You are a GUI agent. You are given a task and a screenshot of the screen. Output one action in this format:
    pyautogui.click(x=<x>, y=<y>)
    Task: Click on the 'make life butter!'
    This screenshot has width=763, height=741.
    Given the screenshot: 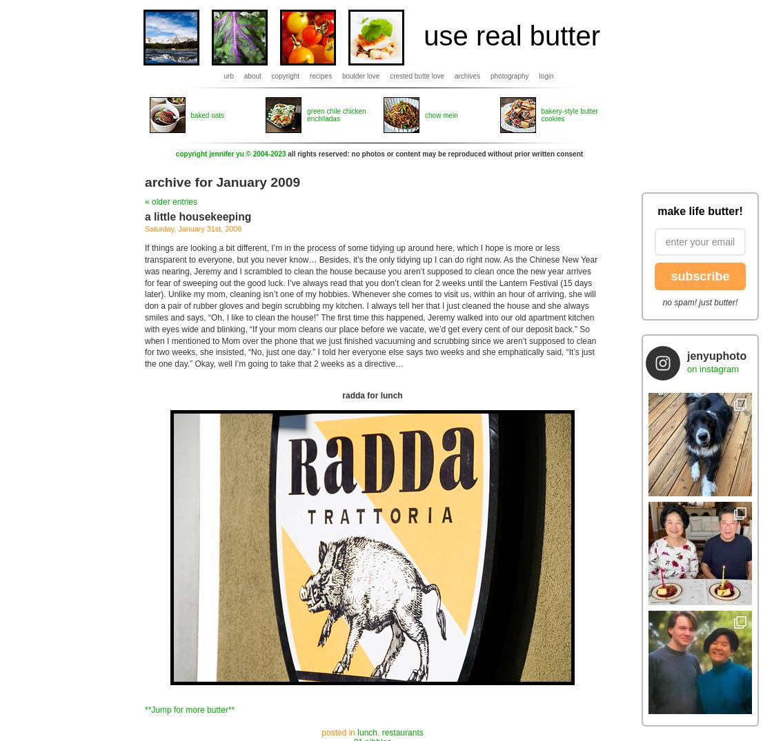 What is the action you would take?
    pyautogui.click(x=699, y=210)
    